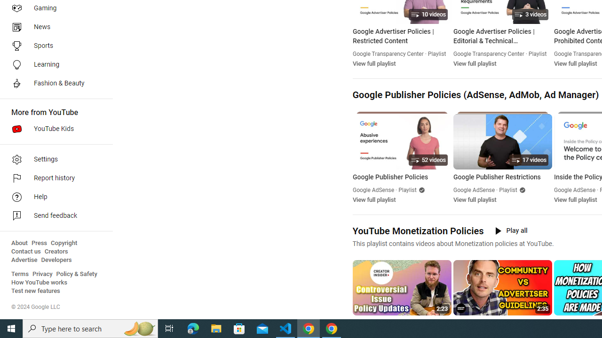  What do you see at coordinates (36, 291) in the screenshot?
I see `'Test new features'` at bounding box center [36, 291].